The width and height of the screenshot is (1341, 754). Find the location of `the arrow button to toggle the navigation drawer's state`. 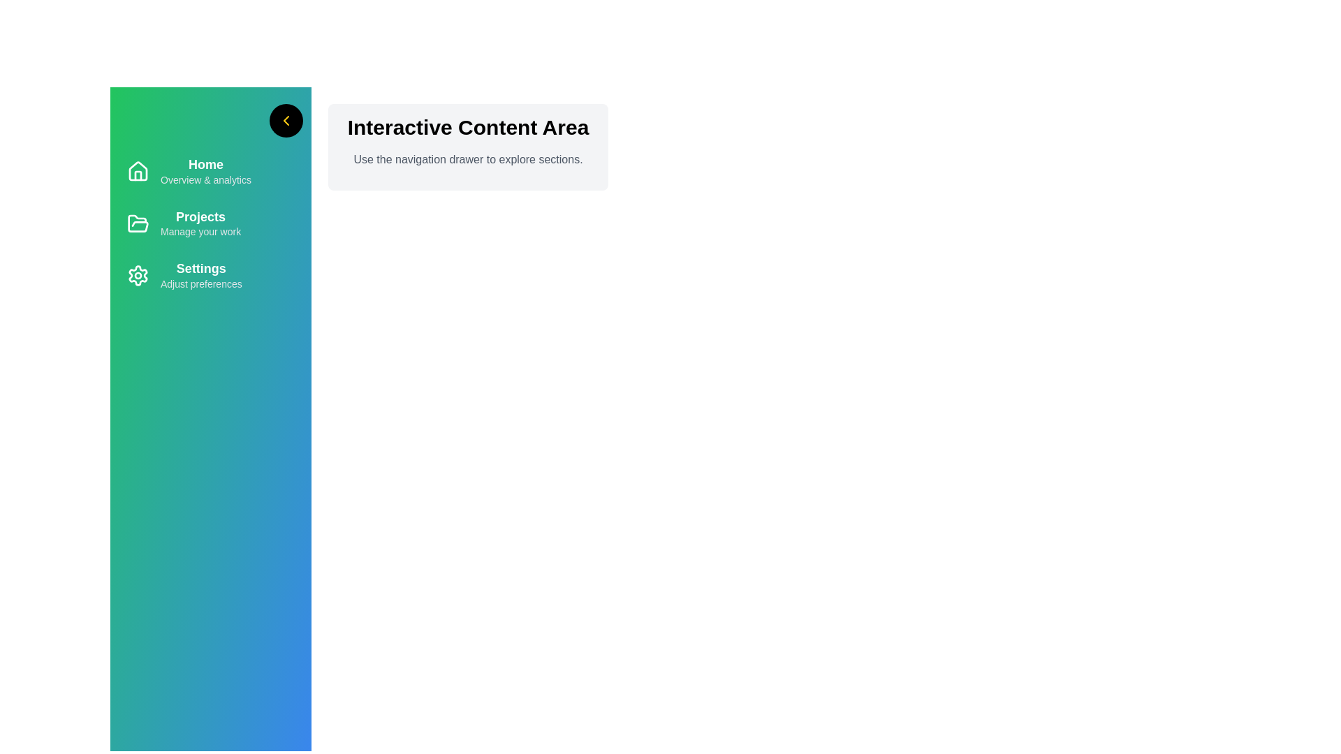

the arrow button to toggle the navigation drawer's state is located at coordinates (285, 120).